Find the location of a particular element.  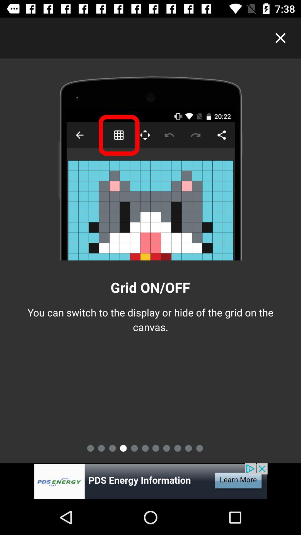

window is located at coordinates (280, 38).